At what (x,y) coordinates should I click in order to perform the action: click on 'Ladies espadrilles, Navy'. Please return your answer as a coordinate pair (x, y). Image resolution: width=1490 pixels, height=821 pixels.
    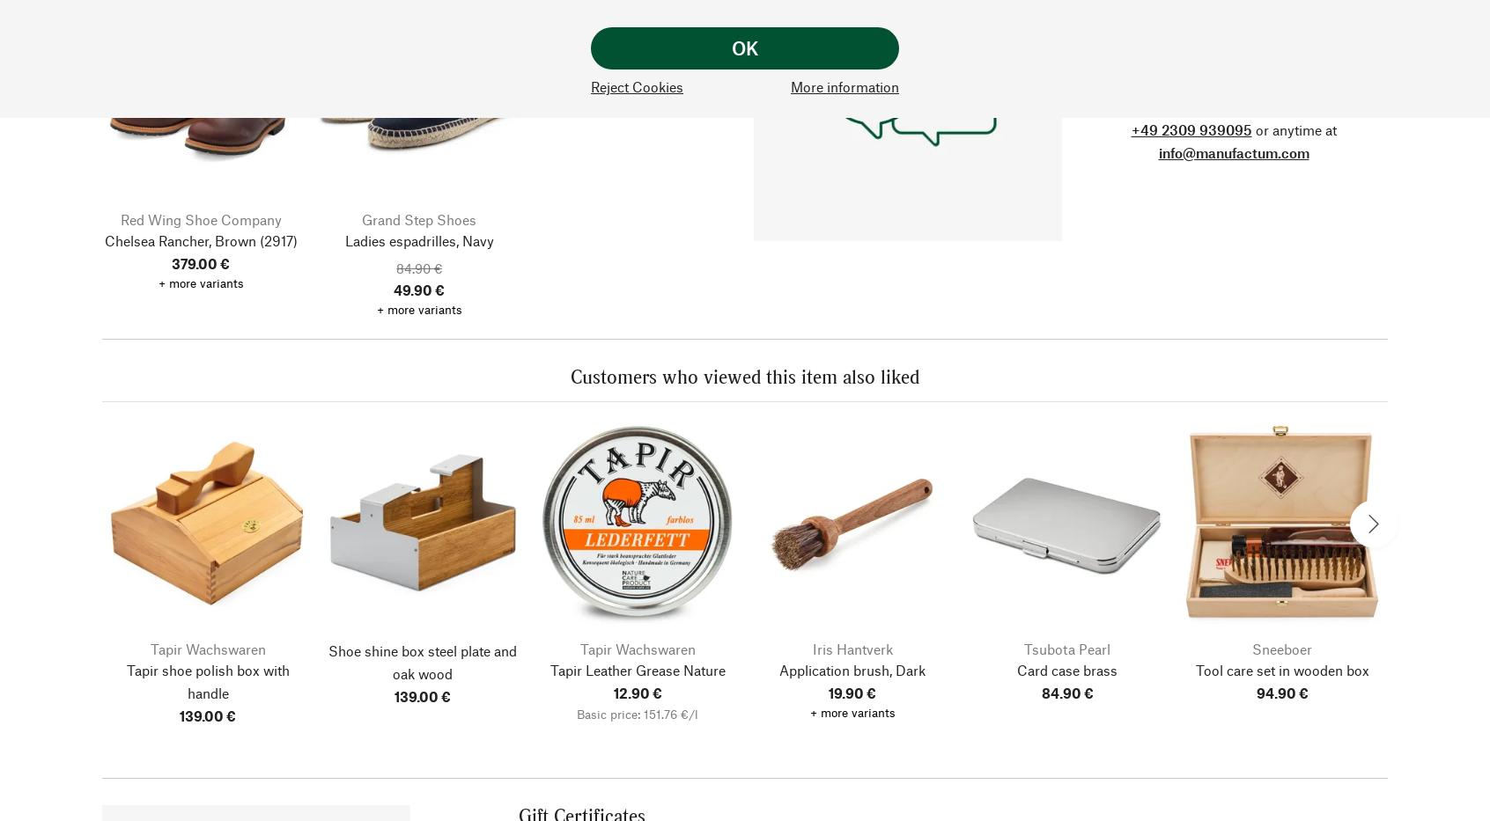
    Looking at the image, I should click on (417, 239).